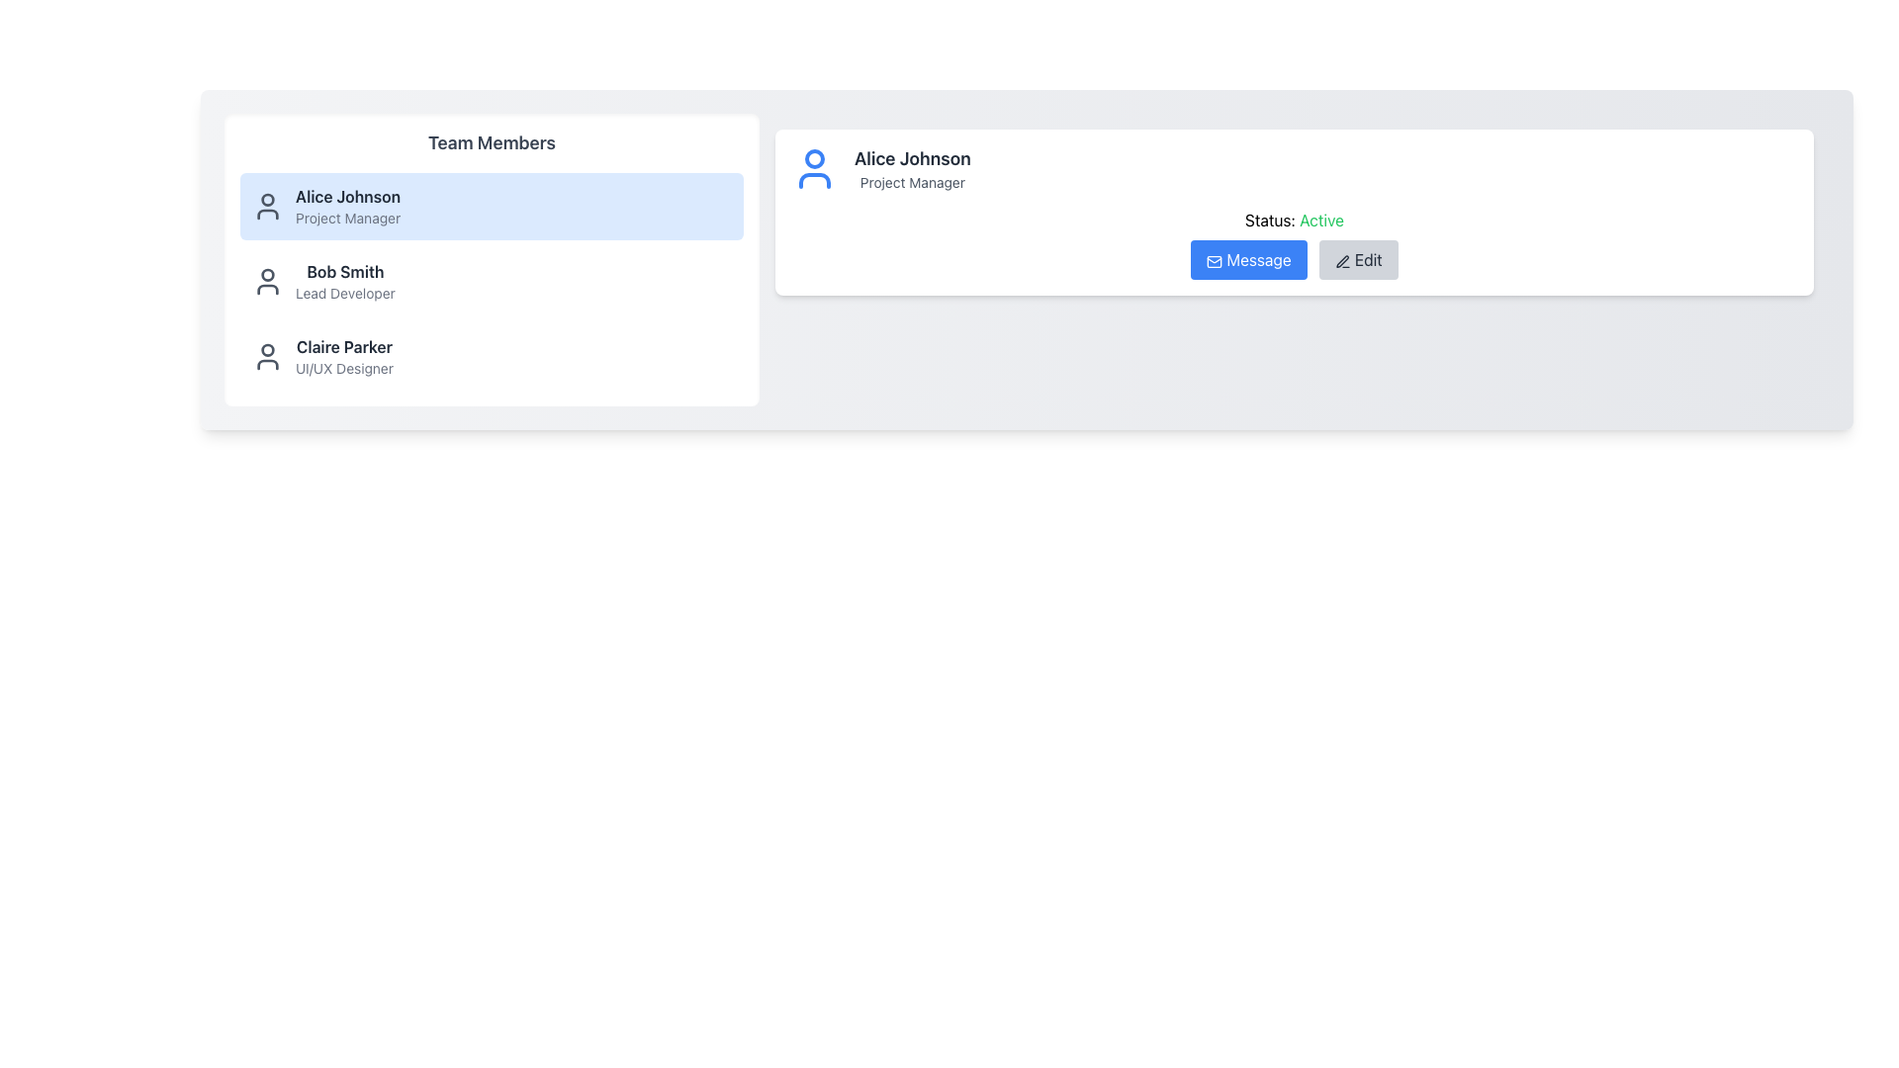  What do you see at coordinates (492, 357) in the screenshot?
I see `the list item representing user 'Claire Parker', a UI/UX Designer, located in the 'Team Members' section` at bounding box center [492, 357].